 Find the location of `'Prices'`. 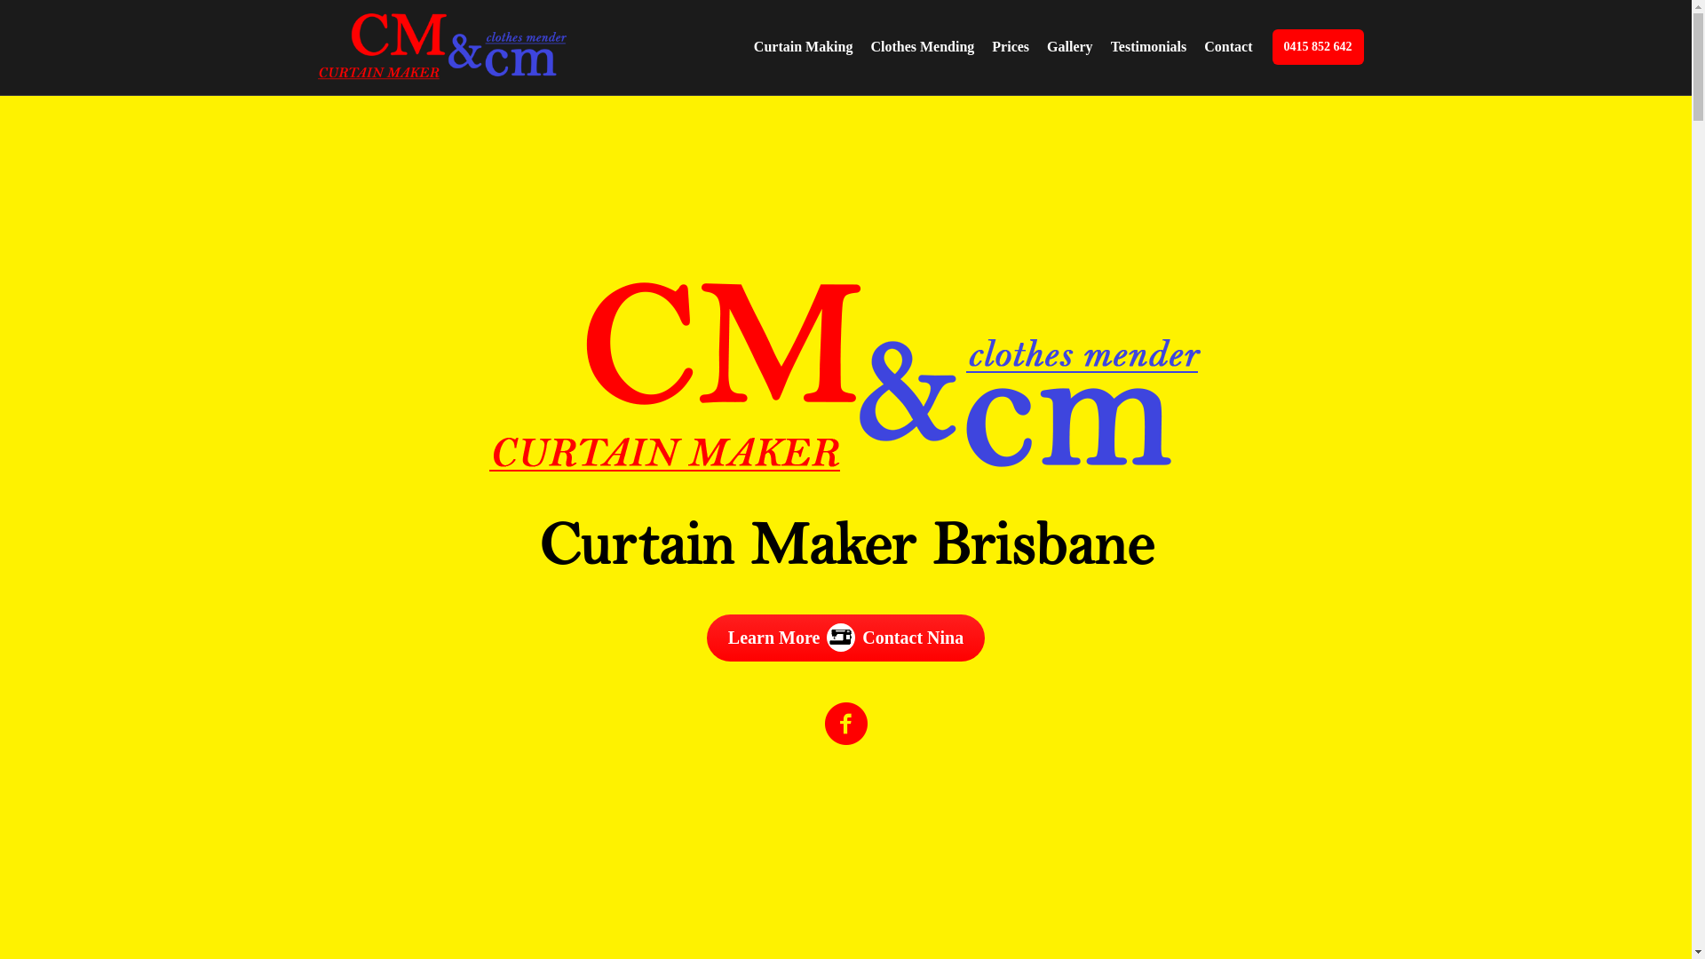

'Prices' is located at coordinates (1010, 46).